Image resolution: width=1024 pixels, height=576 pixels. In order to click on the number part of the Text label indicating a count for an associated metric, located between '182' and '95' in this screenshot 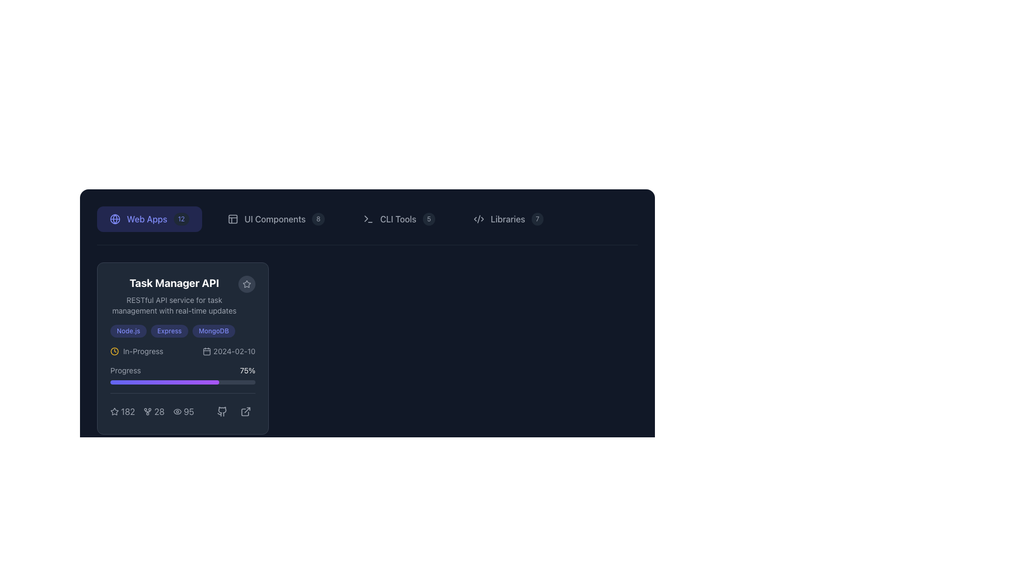, I will do `click(153, 411)`.